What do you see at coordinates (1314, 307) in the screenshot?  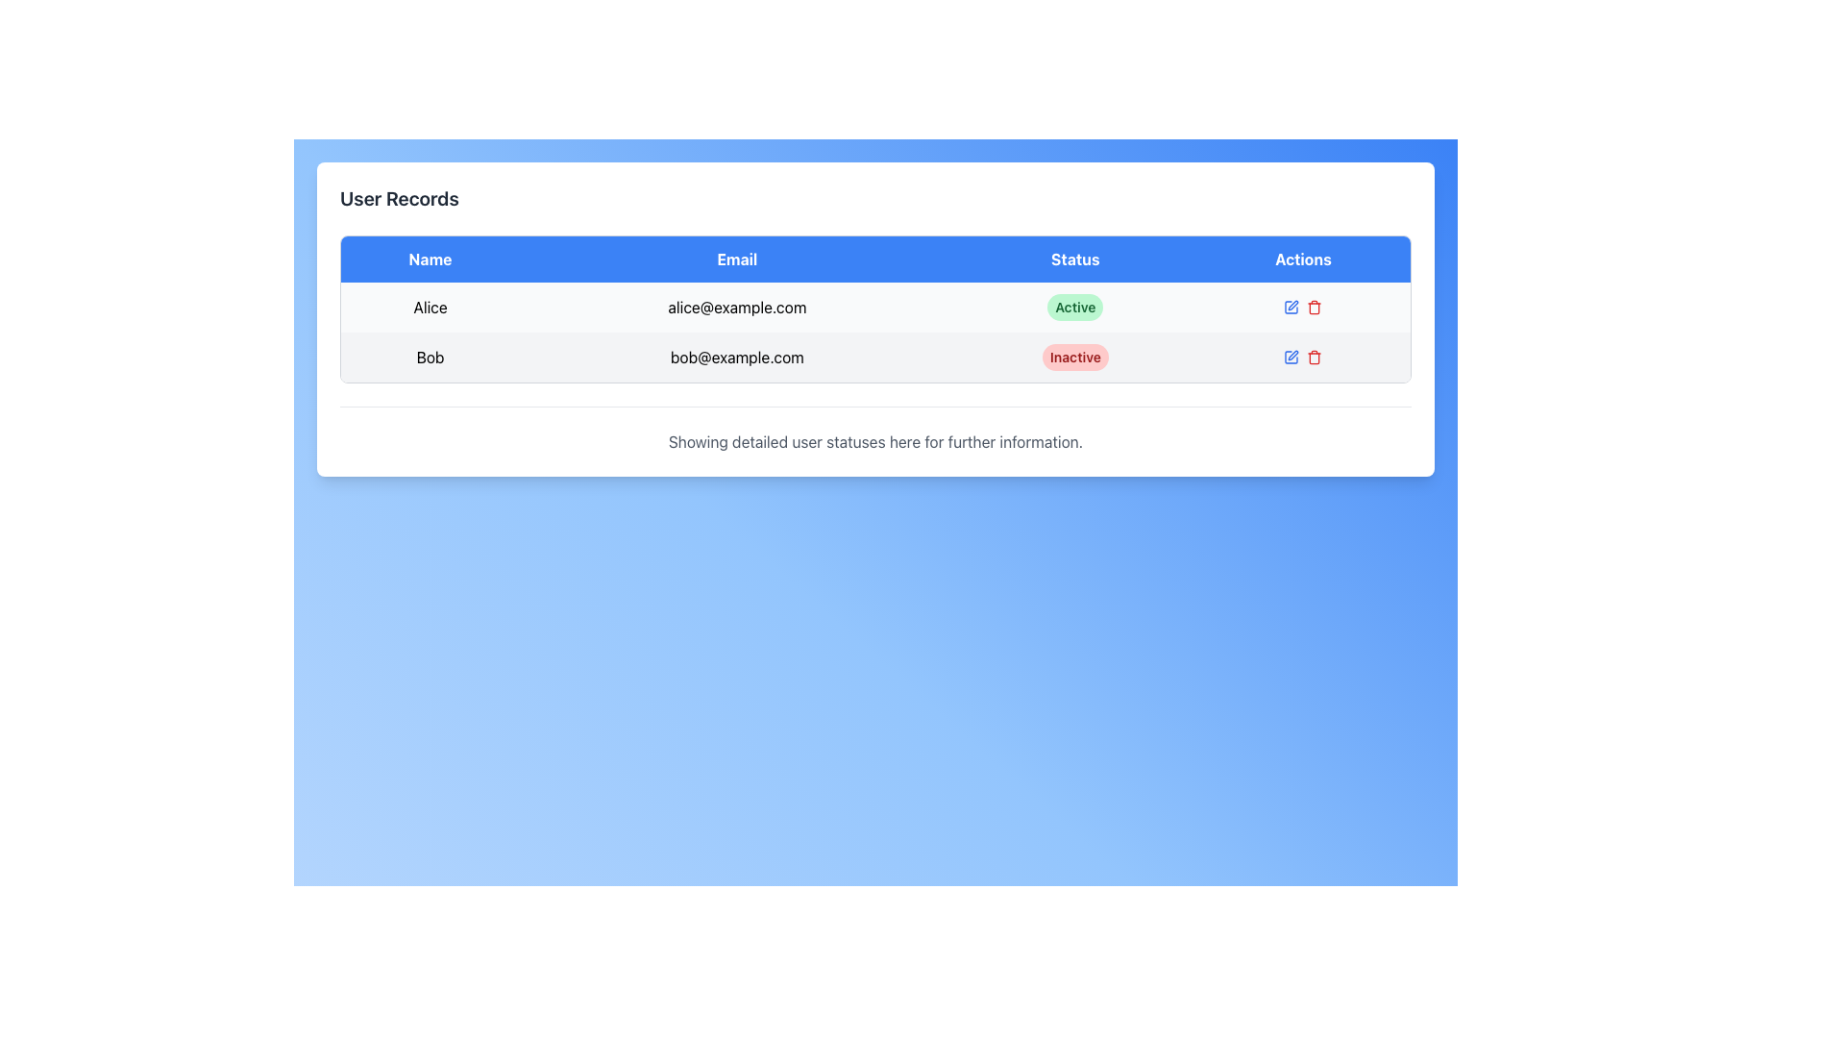 I see `the red trash icon` at bounding box center [1314, 307].